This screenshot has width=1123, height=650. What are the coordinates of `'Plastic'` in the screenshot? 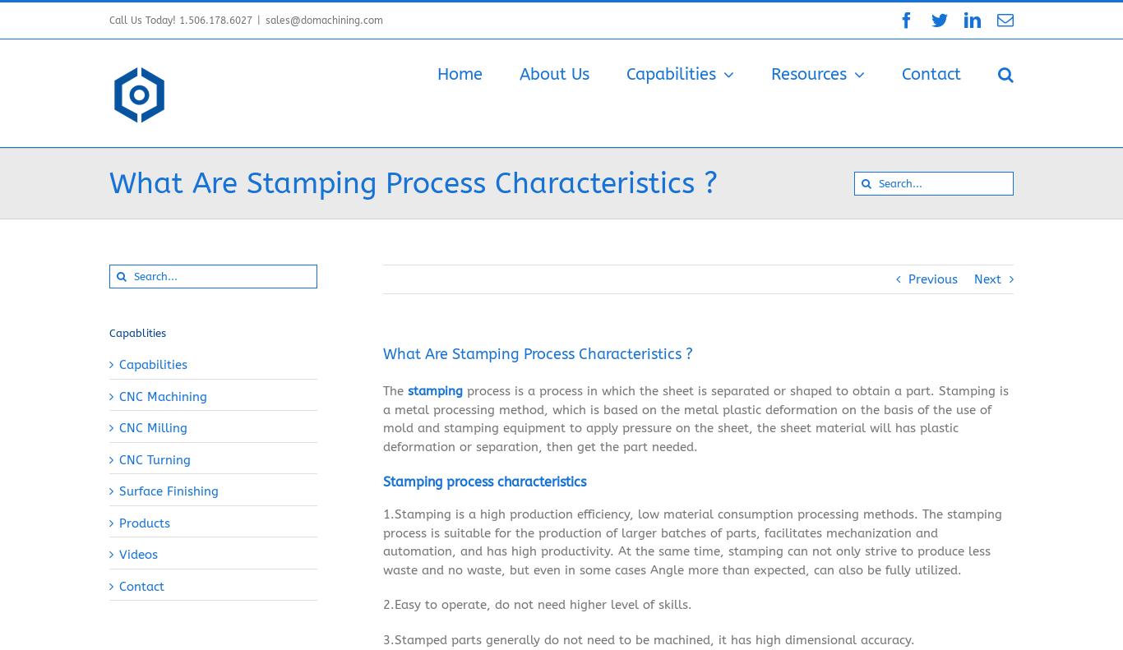 It's located at (935, 341).